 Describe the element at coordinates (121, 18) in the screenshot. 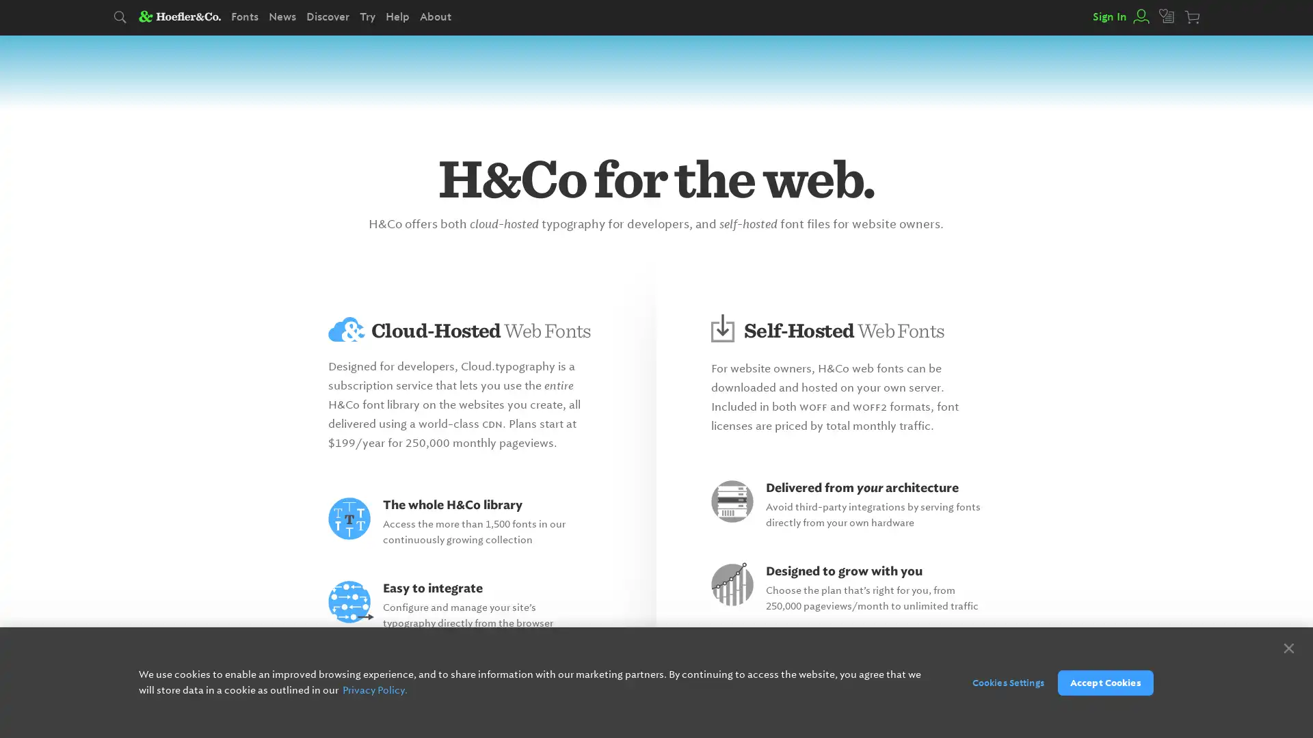

I see `Search typography.com` at that location.